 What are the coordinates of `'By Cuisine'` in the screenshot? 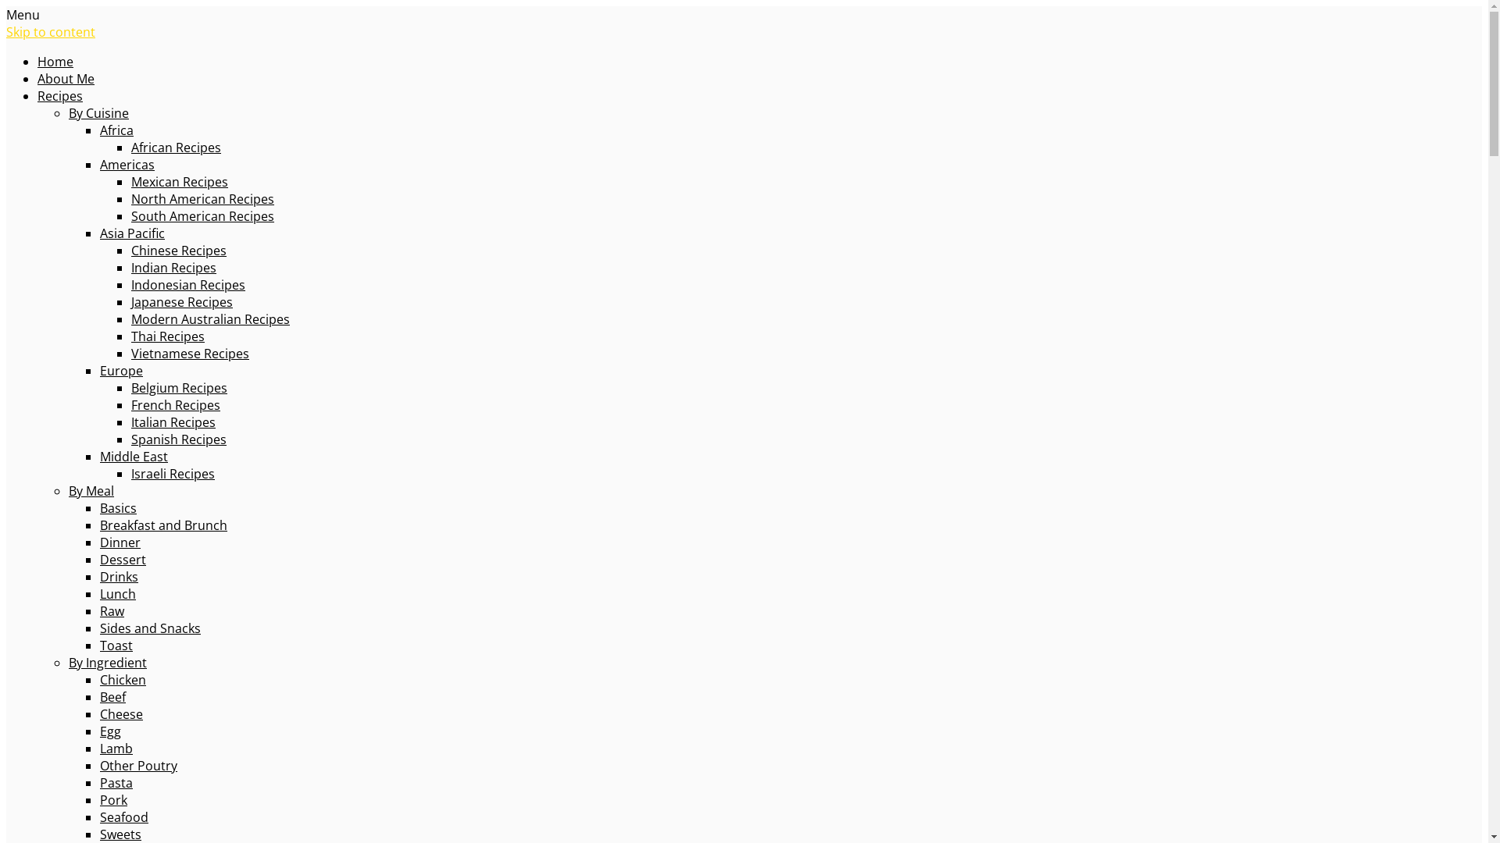 It's located at (98, 112).